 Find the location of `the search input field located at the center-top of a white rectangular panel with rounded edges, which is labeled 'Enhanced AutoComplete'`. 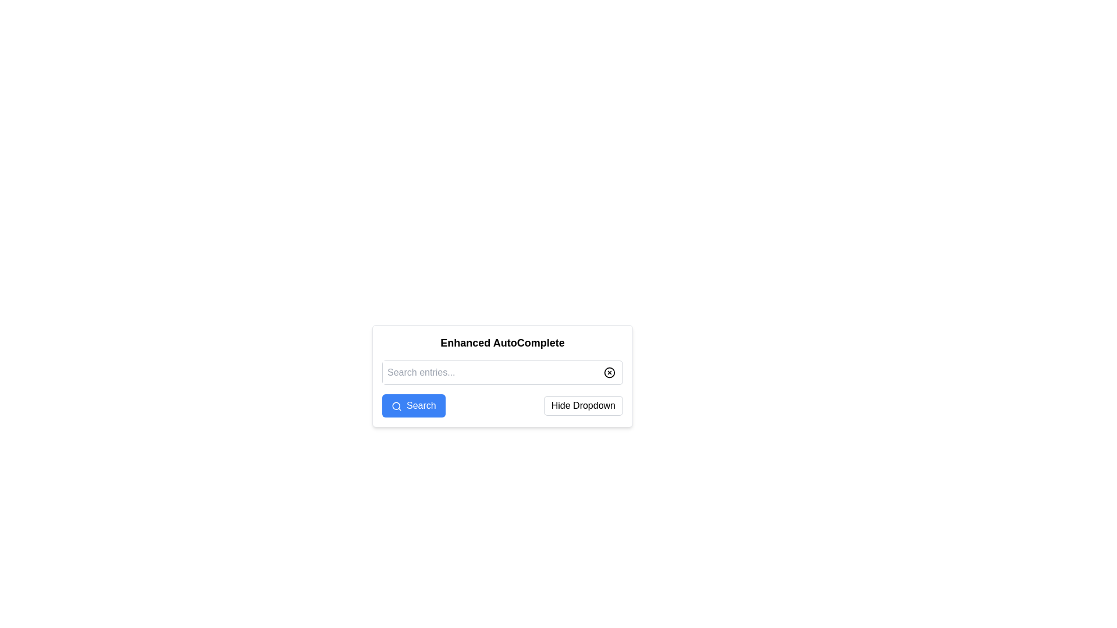

the search input field located at the center-top of a white rectangular panel with rounded edges, which is labeled 'Enhanced AutoComplete' is located at coordinates (503, 372).